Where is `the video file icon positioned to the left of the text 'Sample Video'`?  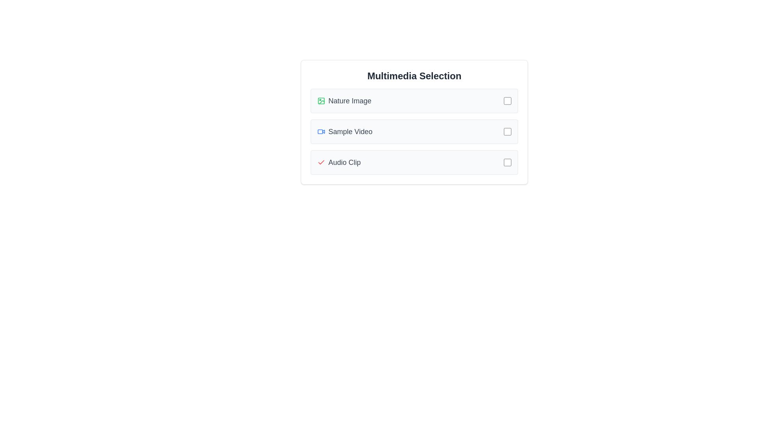 the video file icon positioned to the left of the text 'Sample Video' is located at coordinates (321, 131).